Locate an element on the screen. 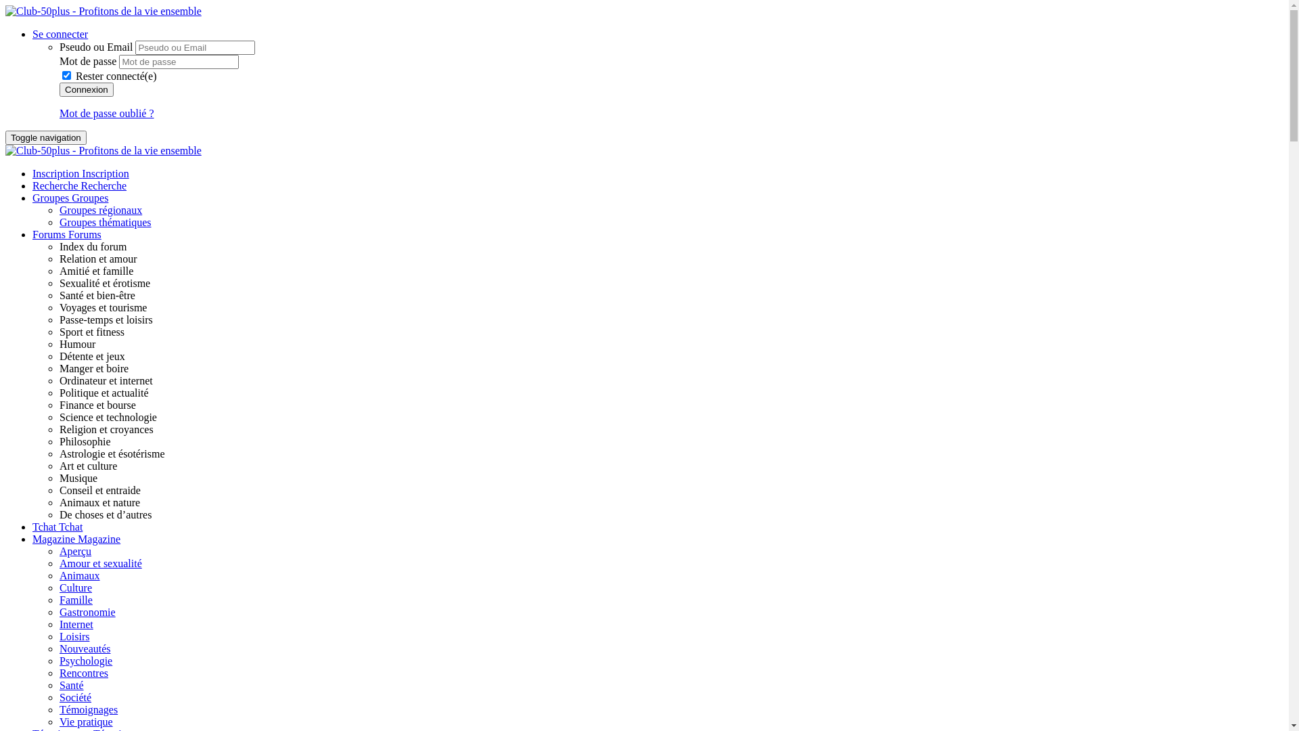 The image size is (1299, 731). 'Animaux et nature' is located at coordinates (99, 502).